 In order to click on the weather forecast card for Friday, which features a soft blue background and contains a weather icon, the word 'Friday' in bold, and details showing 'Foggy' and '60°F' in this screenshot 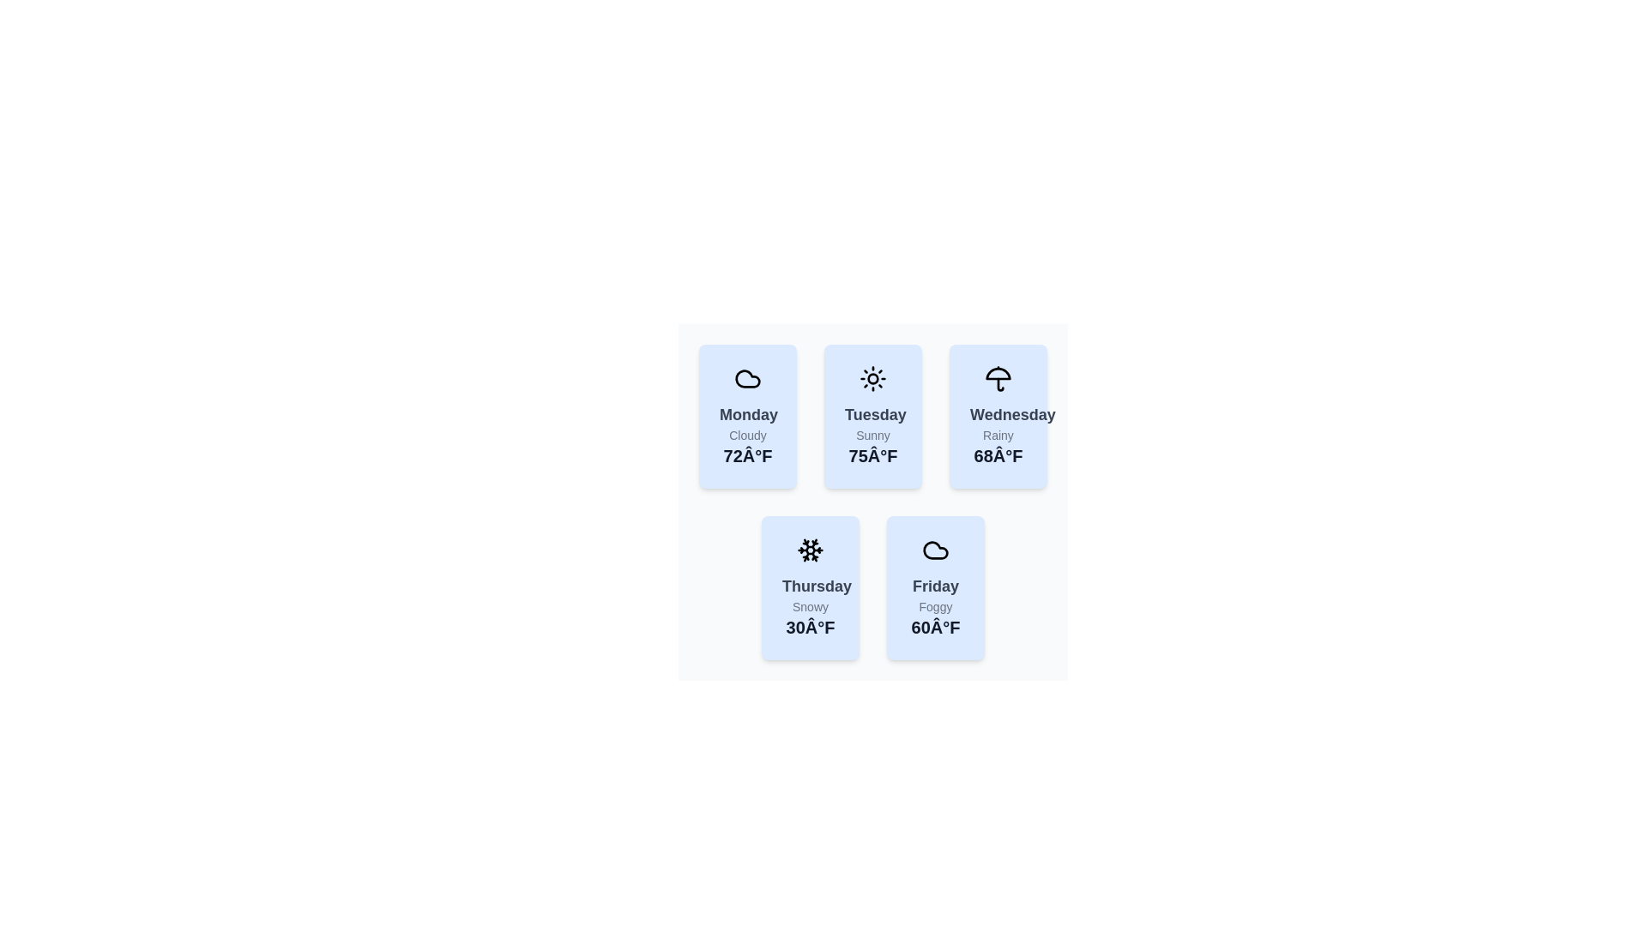, I will do `click(921, 574)`.